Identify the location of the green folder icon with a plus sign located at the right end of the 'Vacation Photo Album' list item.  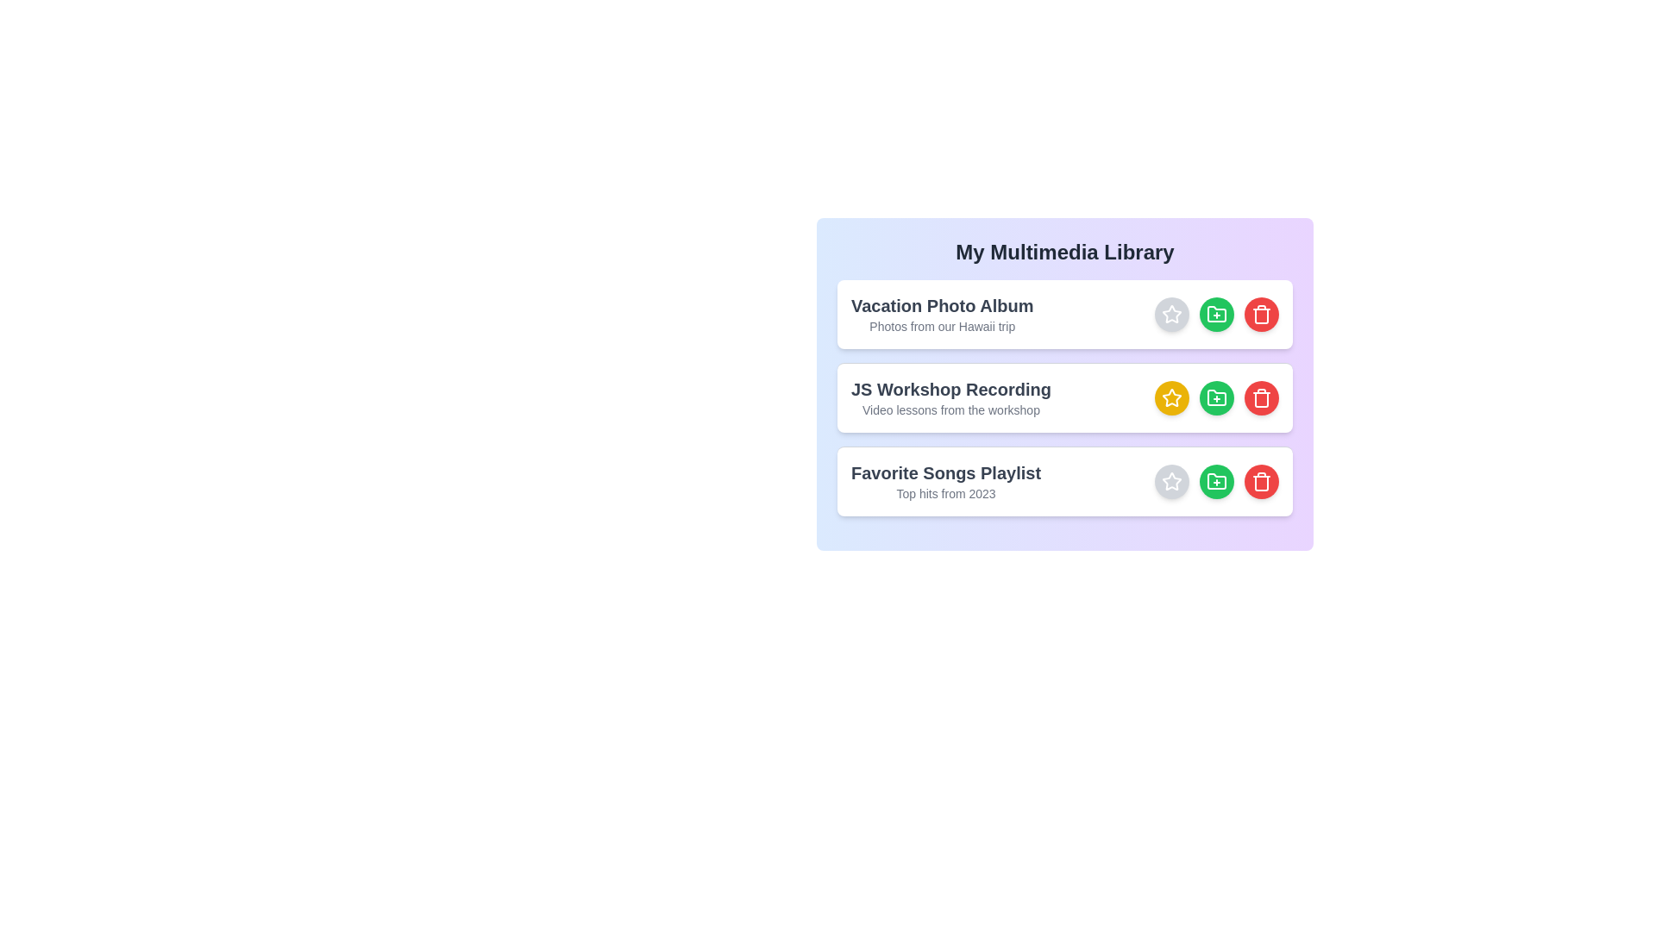
(1216, 315).